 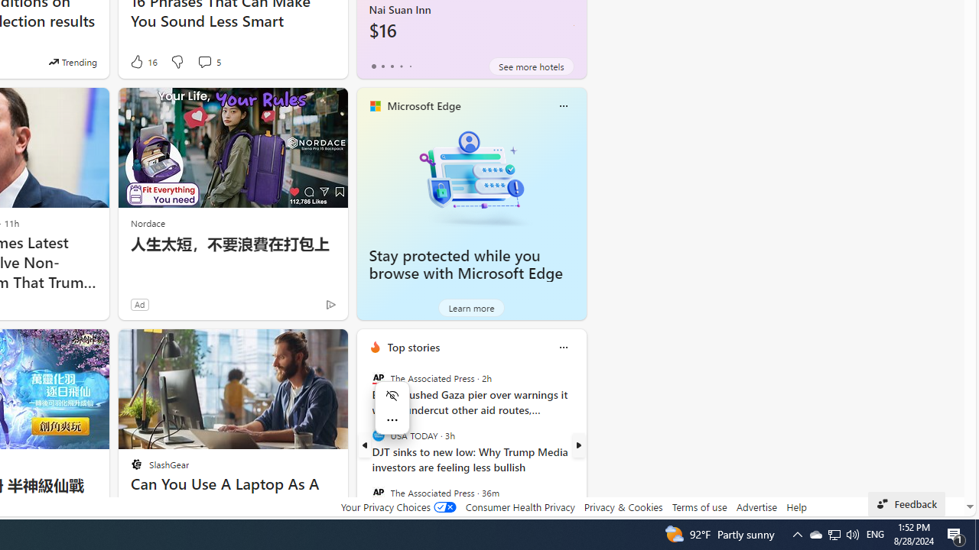 I want to click on 'This story is trending', so click(x=72, y=61).